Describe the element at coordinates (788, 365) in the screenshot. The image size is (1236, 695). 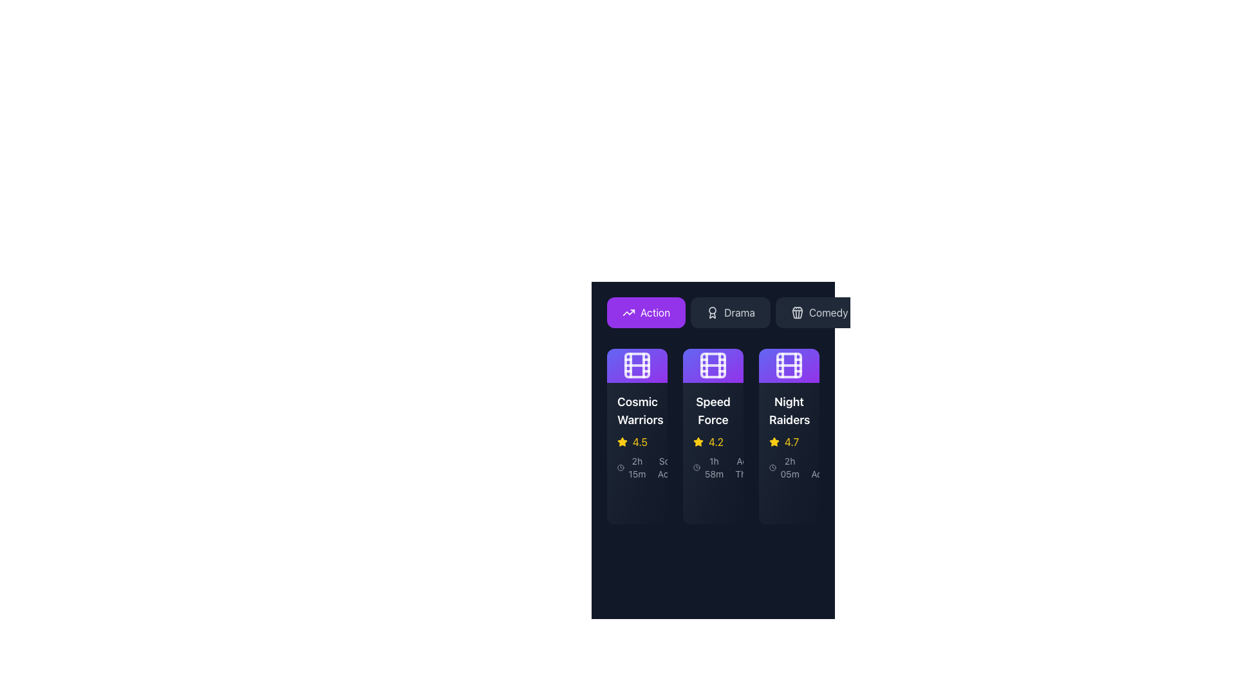
I see `the Decorative SVG rectangle within the purple icon at the top of the 'Night Raiders' card, which is the third card in a row of three cards` at that location.